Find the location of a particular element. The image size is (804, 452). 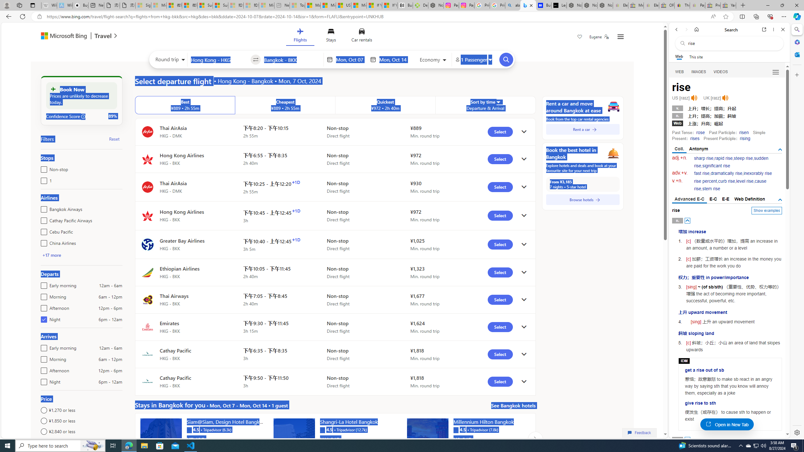

'rapid rise' is located at coordinates (723, 158).